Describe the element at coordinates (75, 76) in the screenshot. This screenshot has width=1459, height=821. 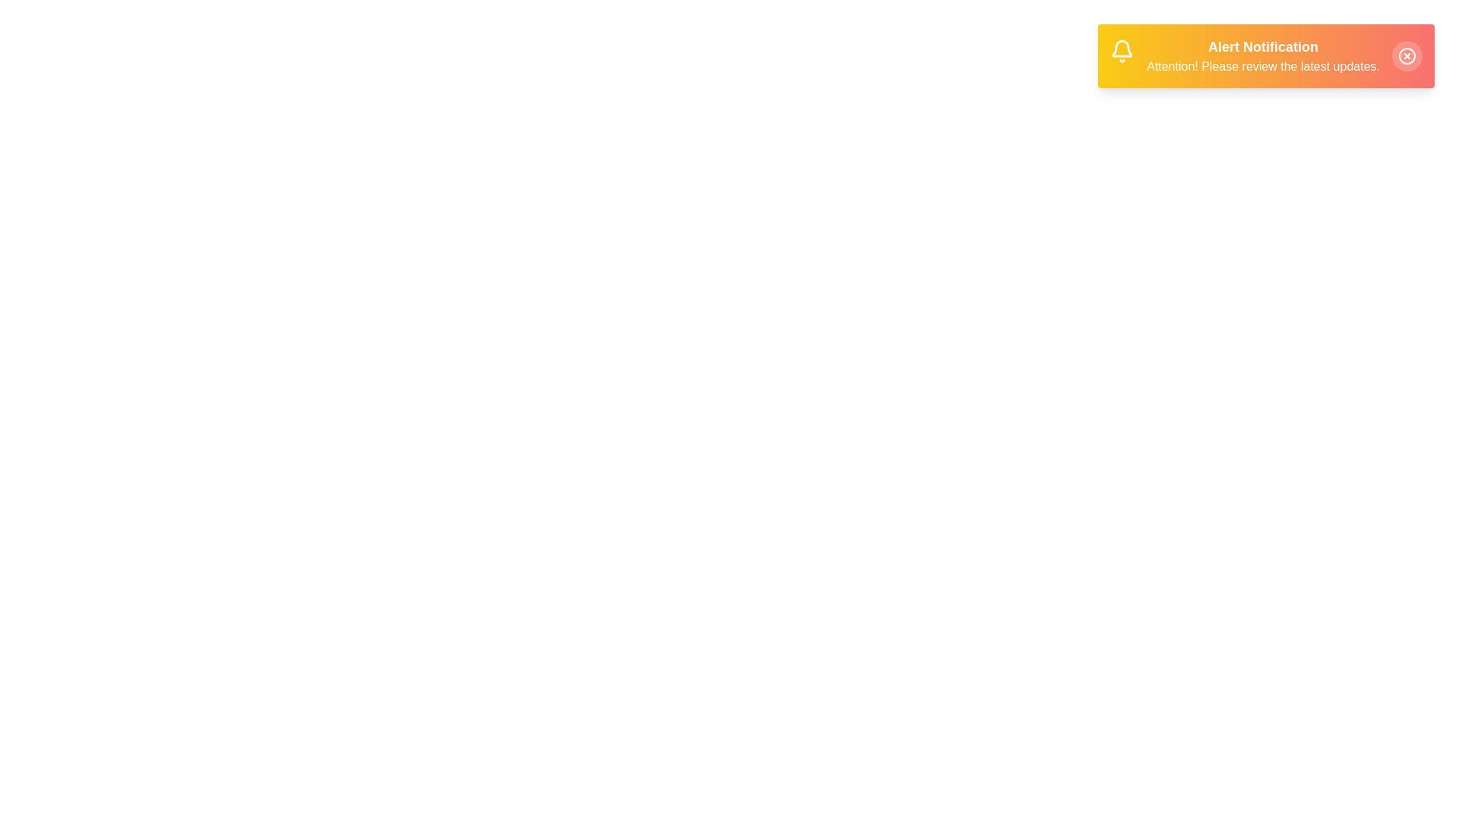
I see `the background area outside the modal to test its boundary behavior` at that location.